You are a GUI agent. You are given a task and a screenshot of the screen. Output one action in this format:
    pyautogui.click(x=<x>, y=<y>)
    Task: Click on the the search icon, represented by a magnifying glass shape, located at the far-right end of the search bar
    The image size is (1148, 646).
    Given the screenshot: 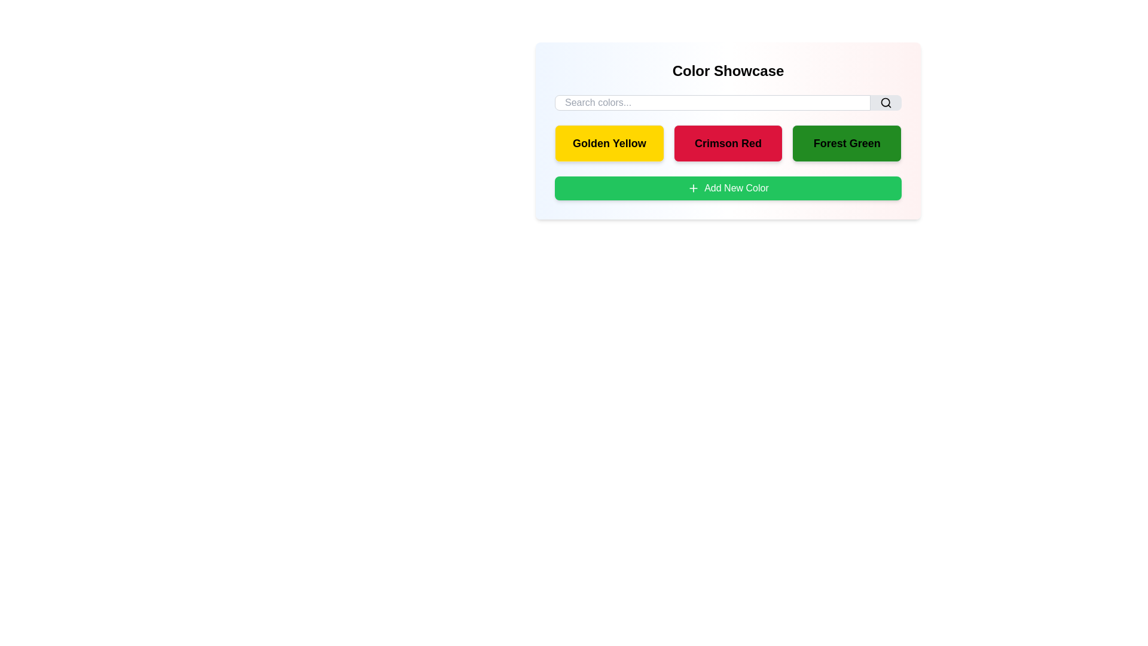 What is the action you would take?
    pyautogui.click(x=886, y=102)
    